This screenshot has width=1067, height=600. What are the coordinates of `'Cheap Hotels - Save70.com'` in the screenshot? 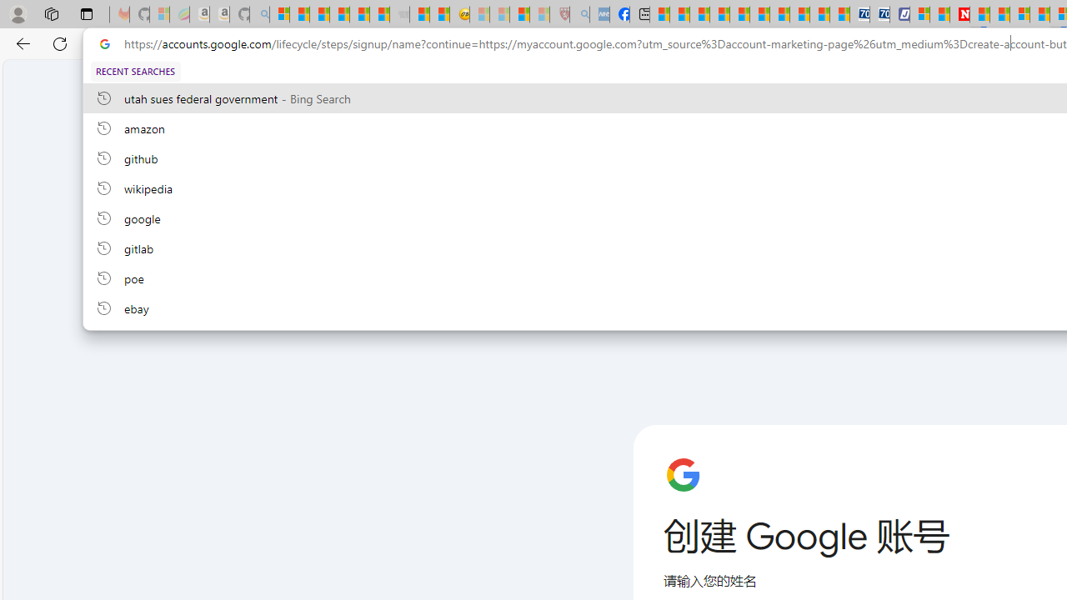 It's located at (879, 14).